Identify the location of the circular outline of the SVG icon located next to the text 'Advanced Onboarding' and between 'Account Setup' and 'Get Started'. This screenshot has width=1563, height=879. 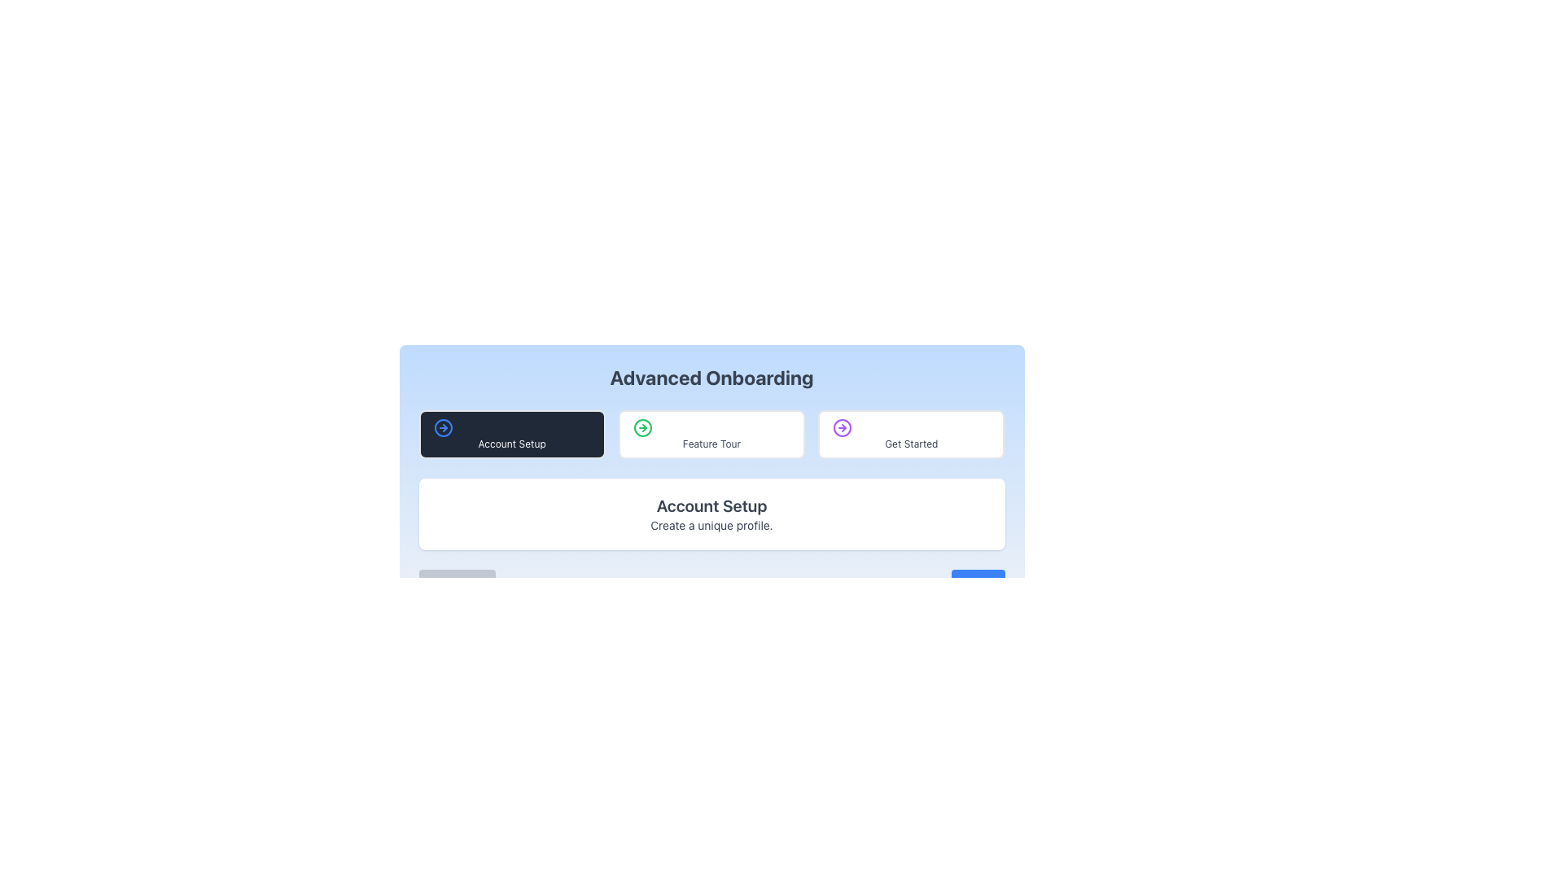
(641, 426).